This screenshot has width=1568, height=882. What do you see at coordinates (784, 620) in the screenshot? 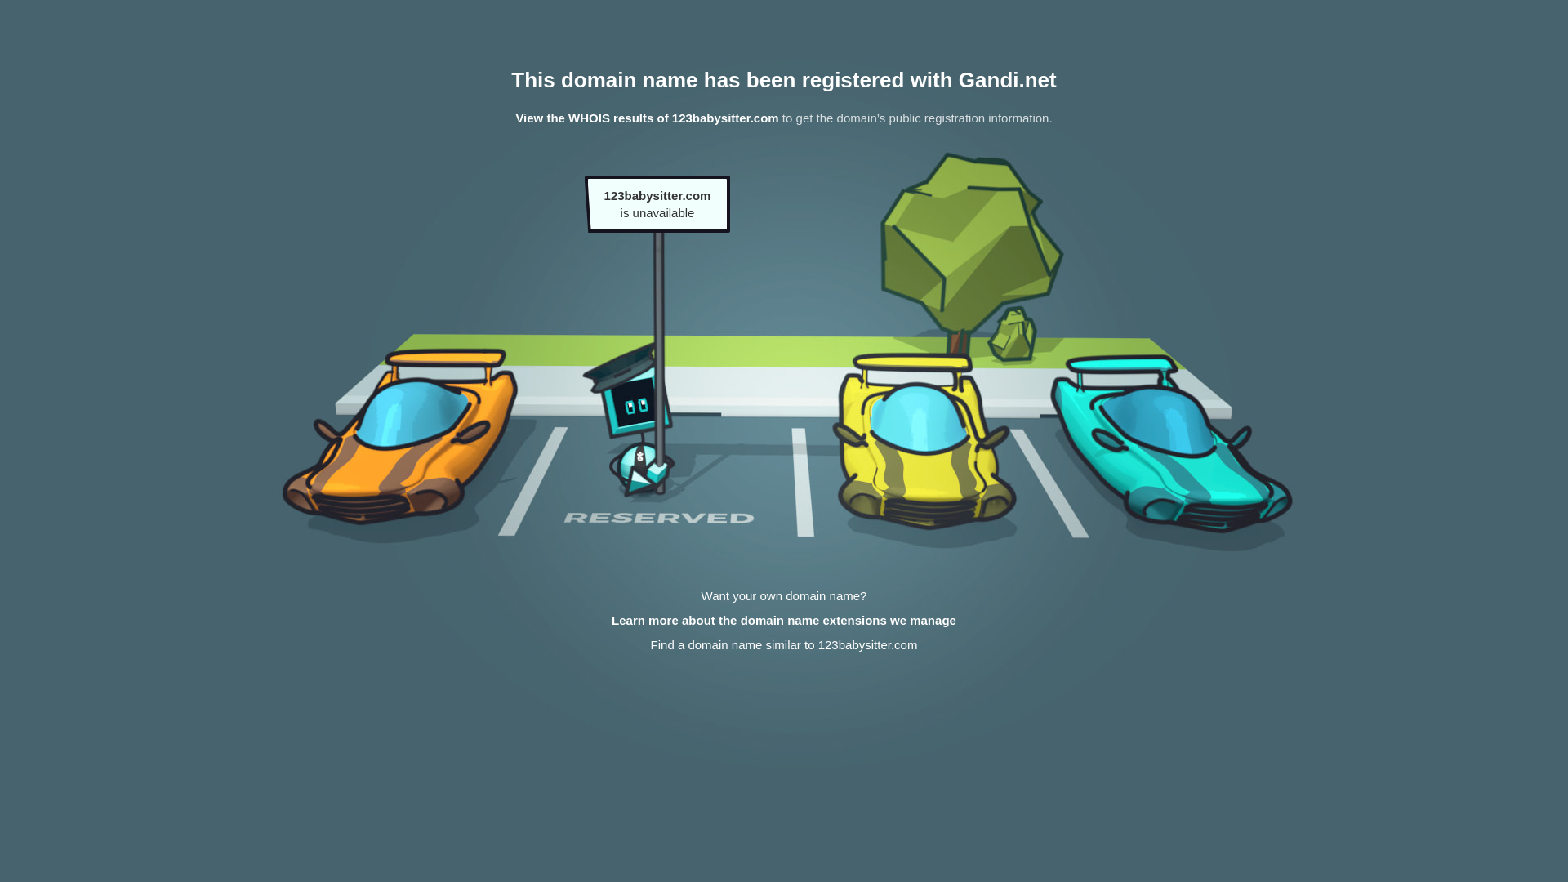
I see `'Learn more about the domain name extensions we manage'` at bounding box center [784, 620].